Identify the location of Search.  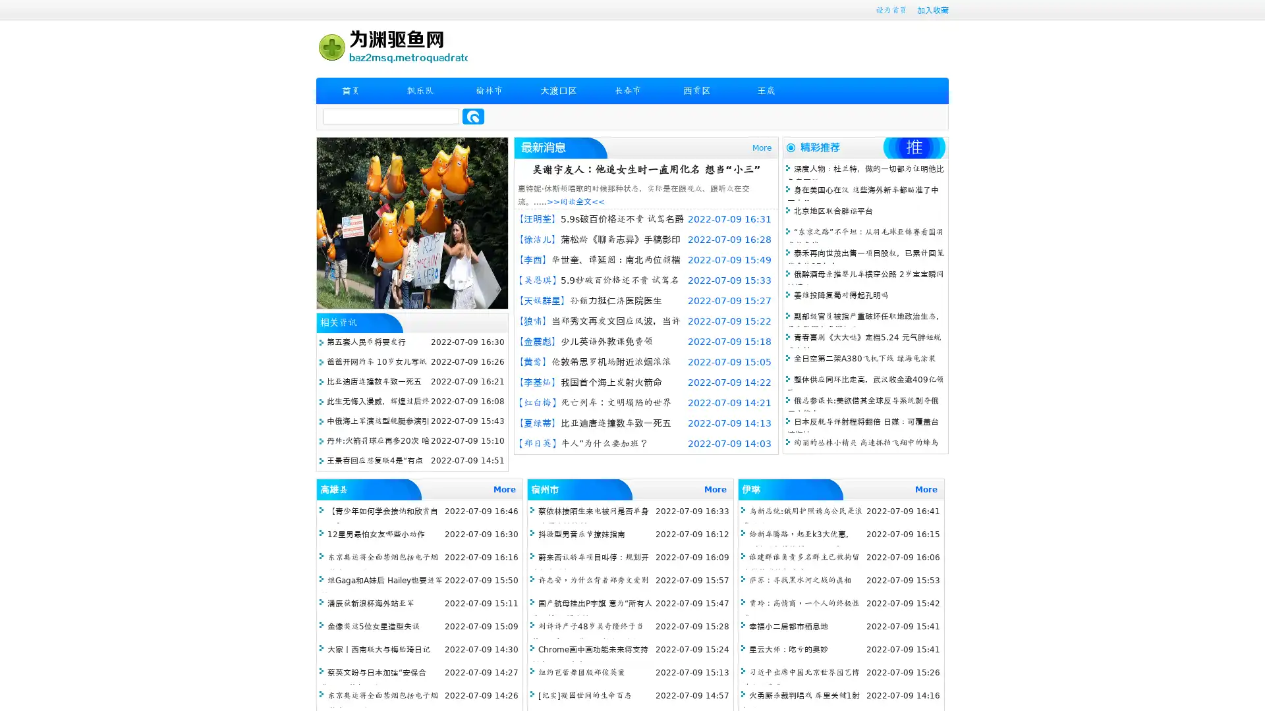
(473, 116).